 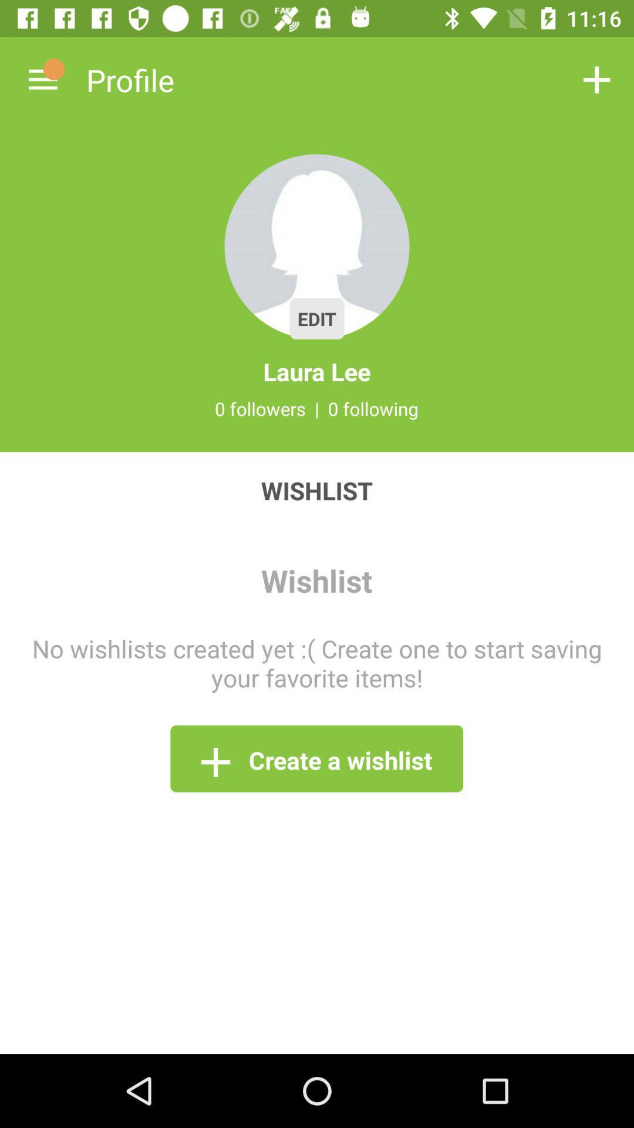 What do you see at coordinates (42, 79) in the screenshot?
I see `the icon next to profile` at bounding box center [42, 79].